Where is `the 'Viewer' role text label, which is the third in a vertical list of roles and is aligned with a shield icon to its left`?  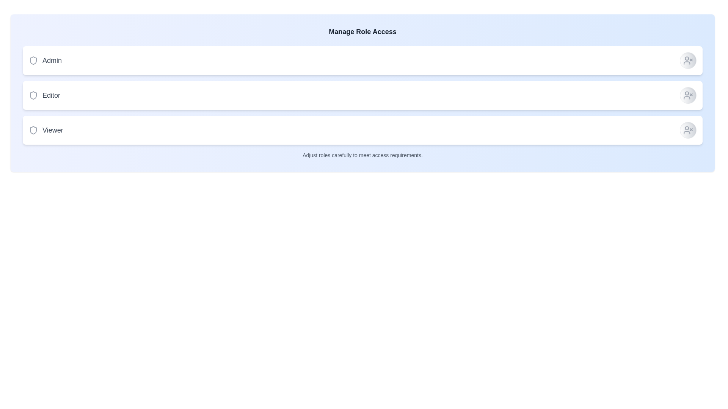
the 'Viewer' role text label, which is the third in a vertical list of roles and is aligned with a shield icon to its left is located at coordinates (52, 130).